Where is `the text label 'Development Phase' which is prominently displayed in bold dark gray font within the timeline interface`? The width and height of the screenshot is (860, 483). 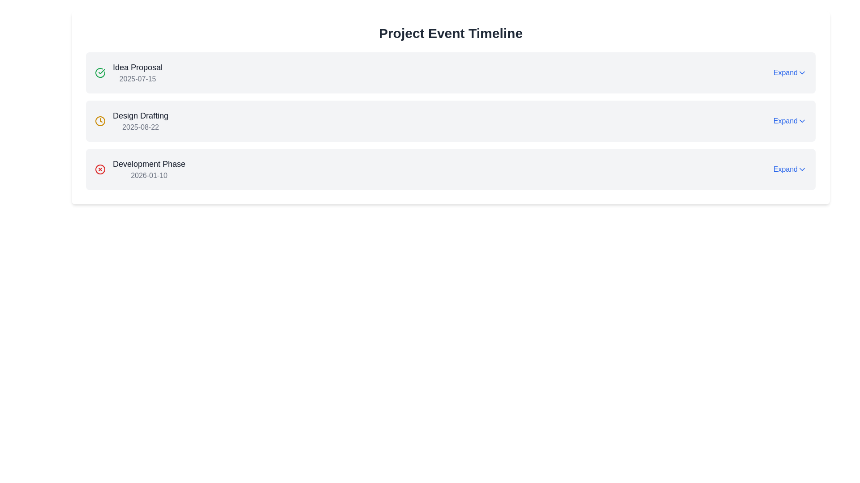 the text label 'Development Phase' which is prominently displayed in bold dark gray font within the timeline interface is located at coordinates (149, 164).